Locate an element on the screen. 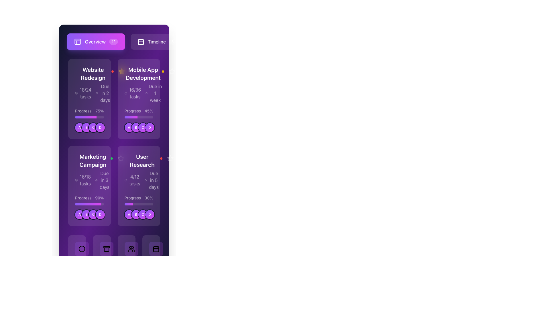  the navigational button located to the right of the 'Overview' button is located at coordinates (157, 41).